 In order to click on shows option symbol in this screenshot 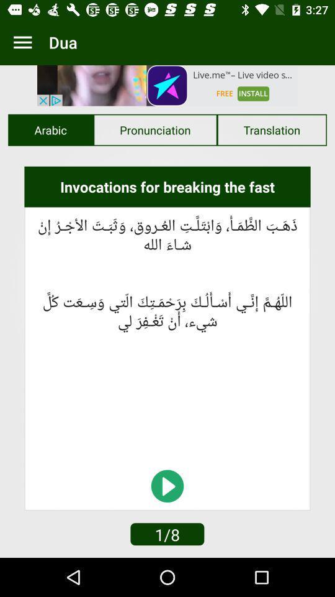, I will do `click(22, 42)`.